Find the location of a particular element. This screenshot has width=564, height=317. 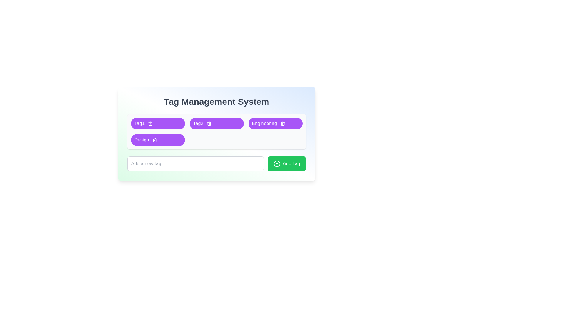

the section displaying tags, which is styled with a purple background and white text, located below the 'Tag Management System' header is located at coordinates (216, 131).